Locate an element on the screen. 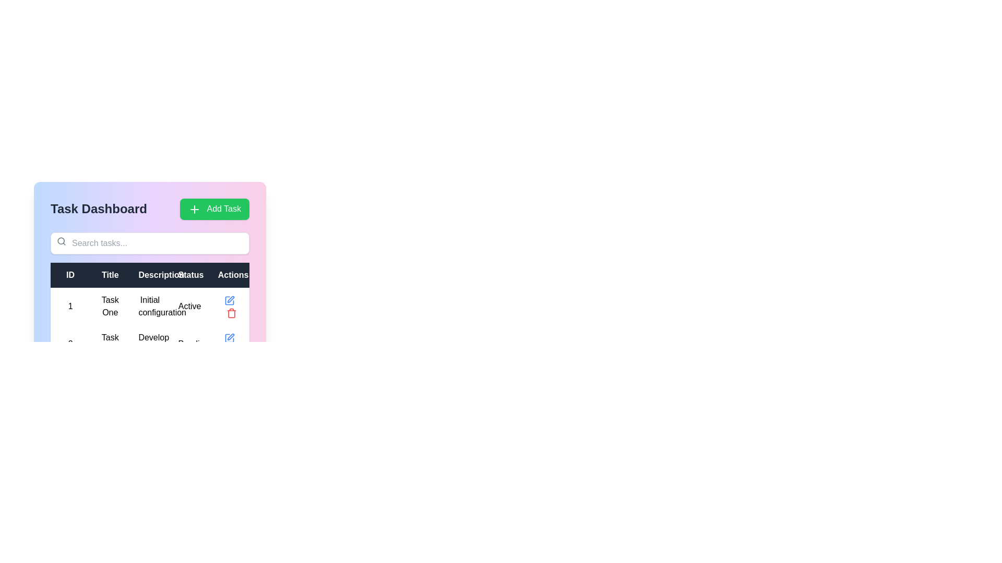 The width and height of the screenshot is (1002, 563). the row using the Text display cell containing the number '1' in bold font, which is located is located at coordinates (70, 305).